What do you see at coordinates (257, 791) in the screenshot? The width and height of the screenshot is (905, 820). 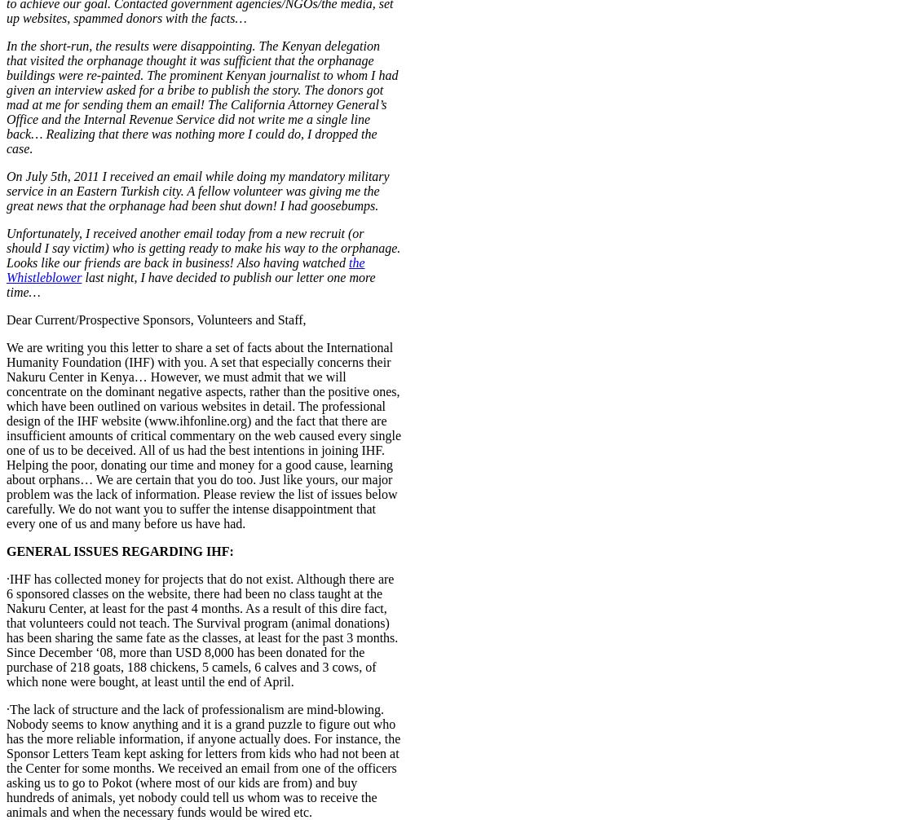 I see `'Comment'` at bounding box center [257, 791].